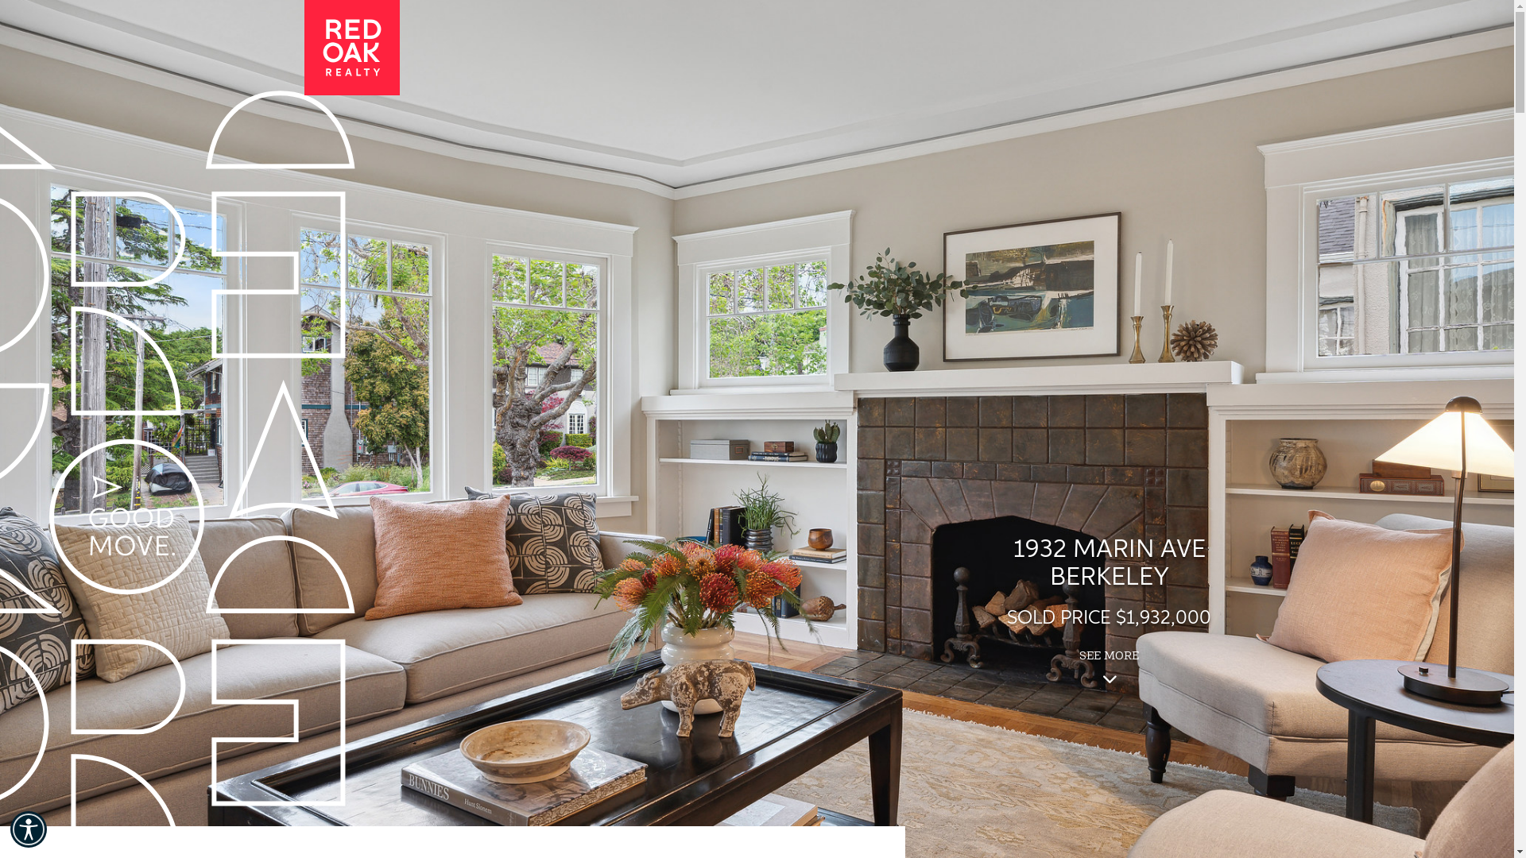  I want to click on 'Red Oak Realty', so click(350, 47).